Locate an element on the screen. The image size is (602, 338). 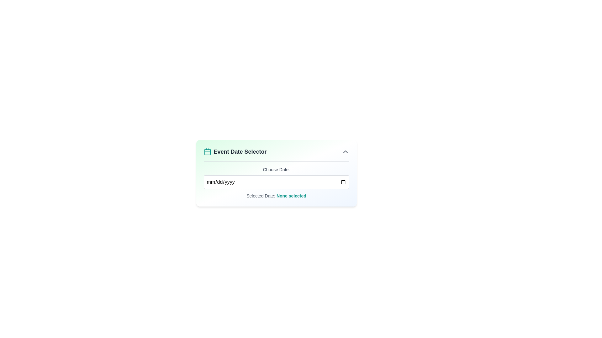
text display indicating the current state of date selection, which shows 'Selected Date: None selected' is located at coordinates (291, 195).